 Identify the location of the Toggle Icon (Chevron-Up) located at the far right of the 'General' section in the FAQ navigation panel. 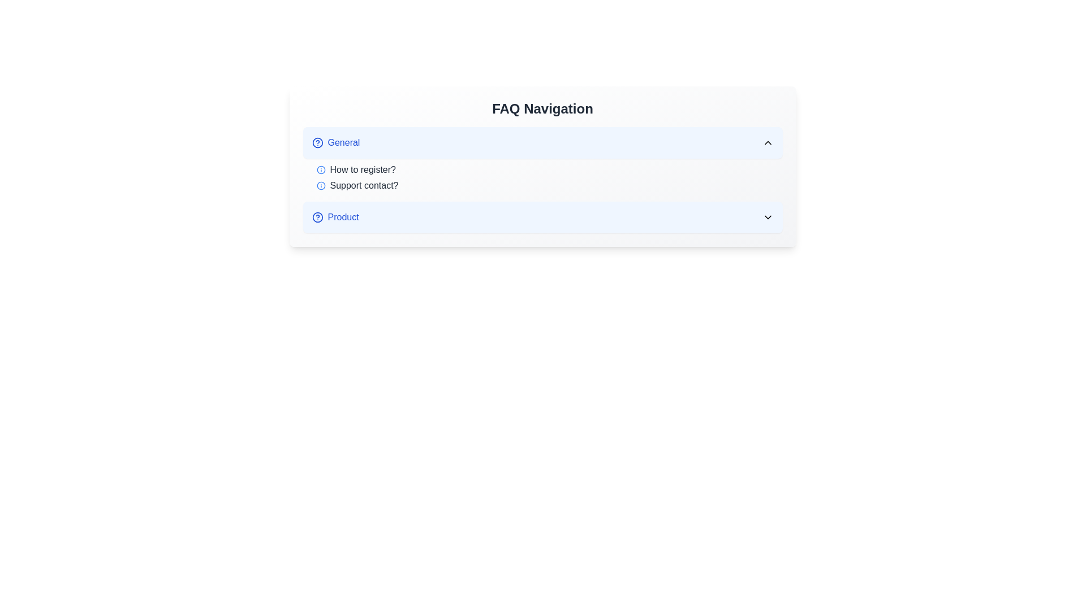
(768, 142).